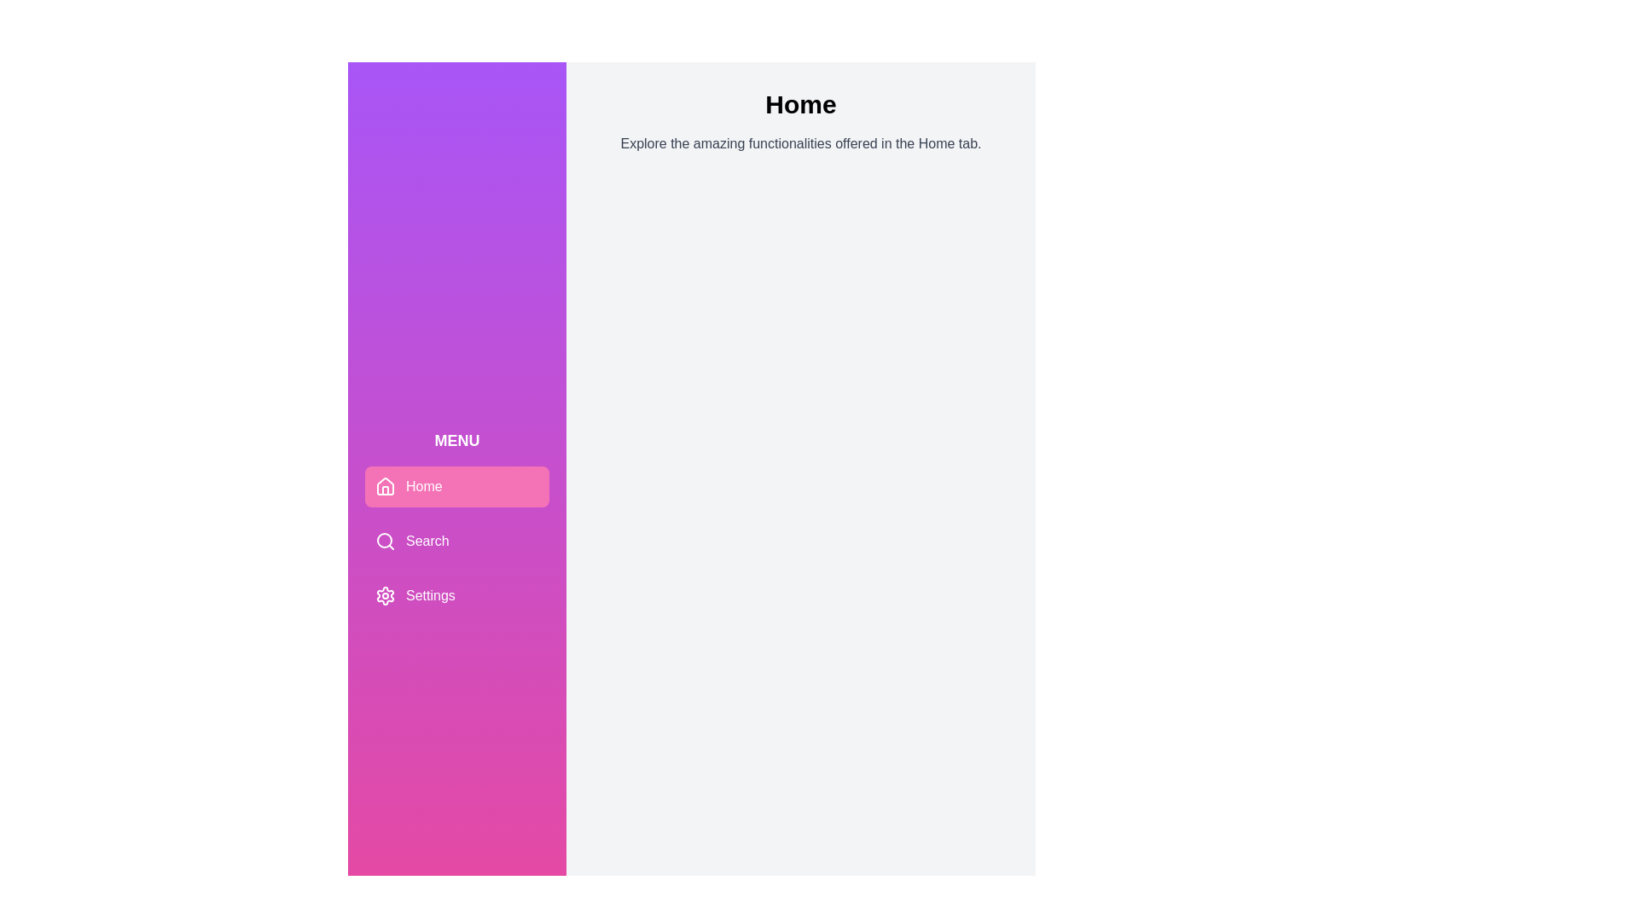  What do you see at coordinates (457, 486) in the screenshot?
I see `the Home tab from the menu` at bounding box center [457, 486].